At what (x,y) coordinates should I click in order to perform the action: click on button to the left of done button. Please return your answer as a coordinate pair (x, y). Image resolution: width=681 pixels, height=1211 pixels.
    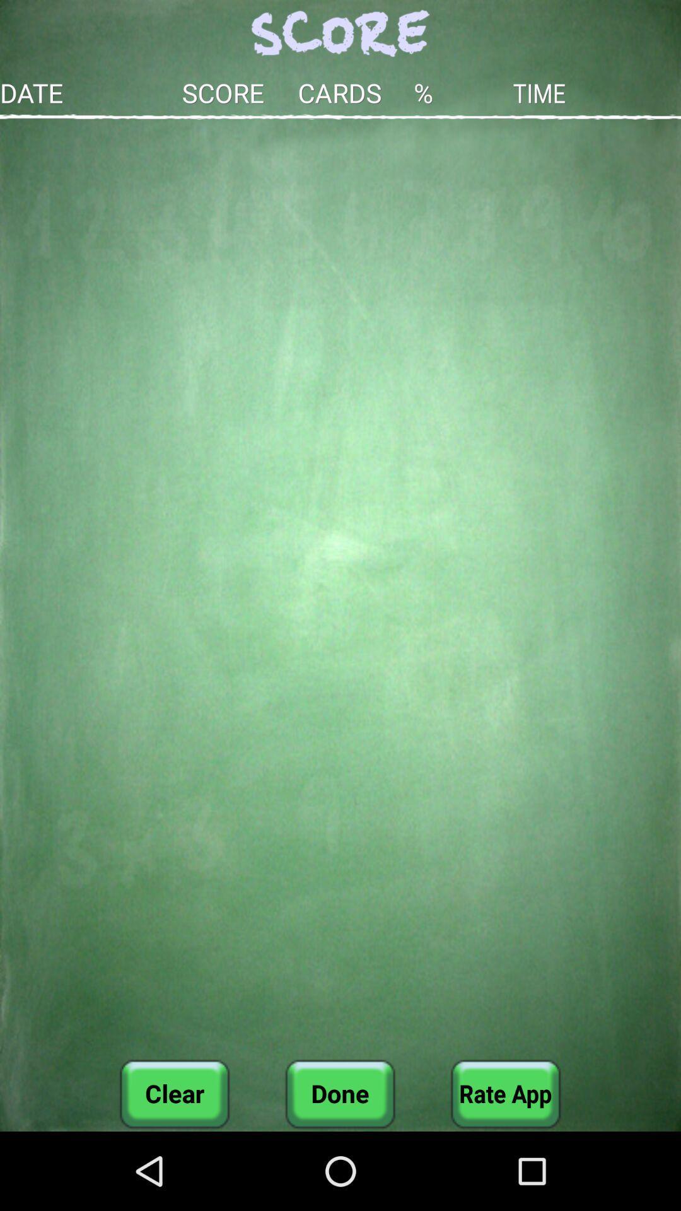
    Looking at the image, I should click on (175, 1093).